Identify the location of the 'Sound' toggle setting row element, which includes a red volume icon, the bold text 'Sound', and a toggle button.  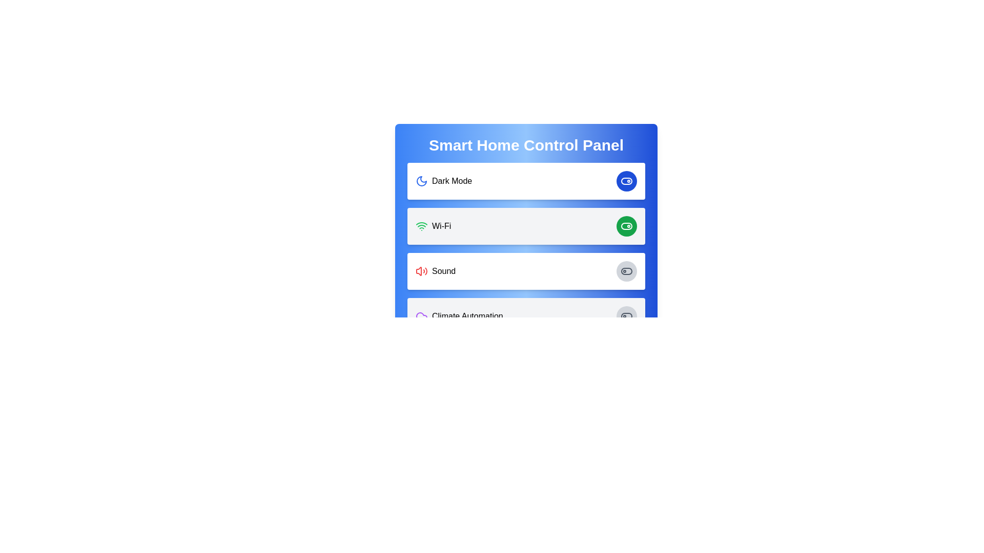
(526, 270).